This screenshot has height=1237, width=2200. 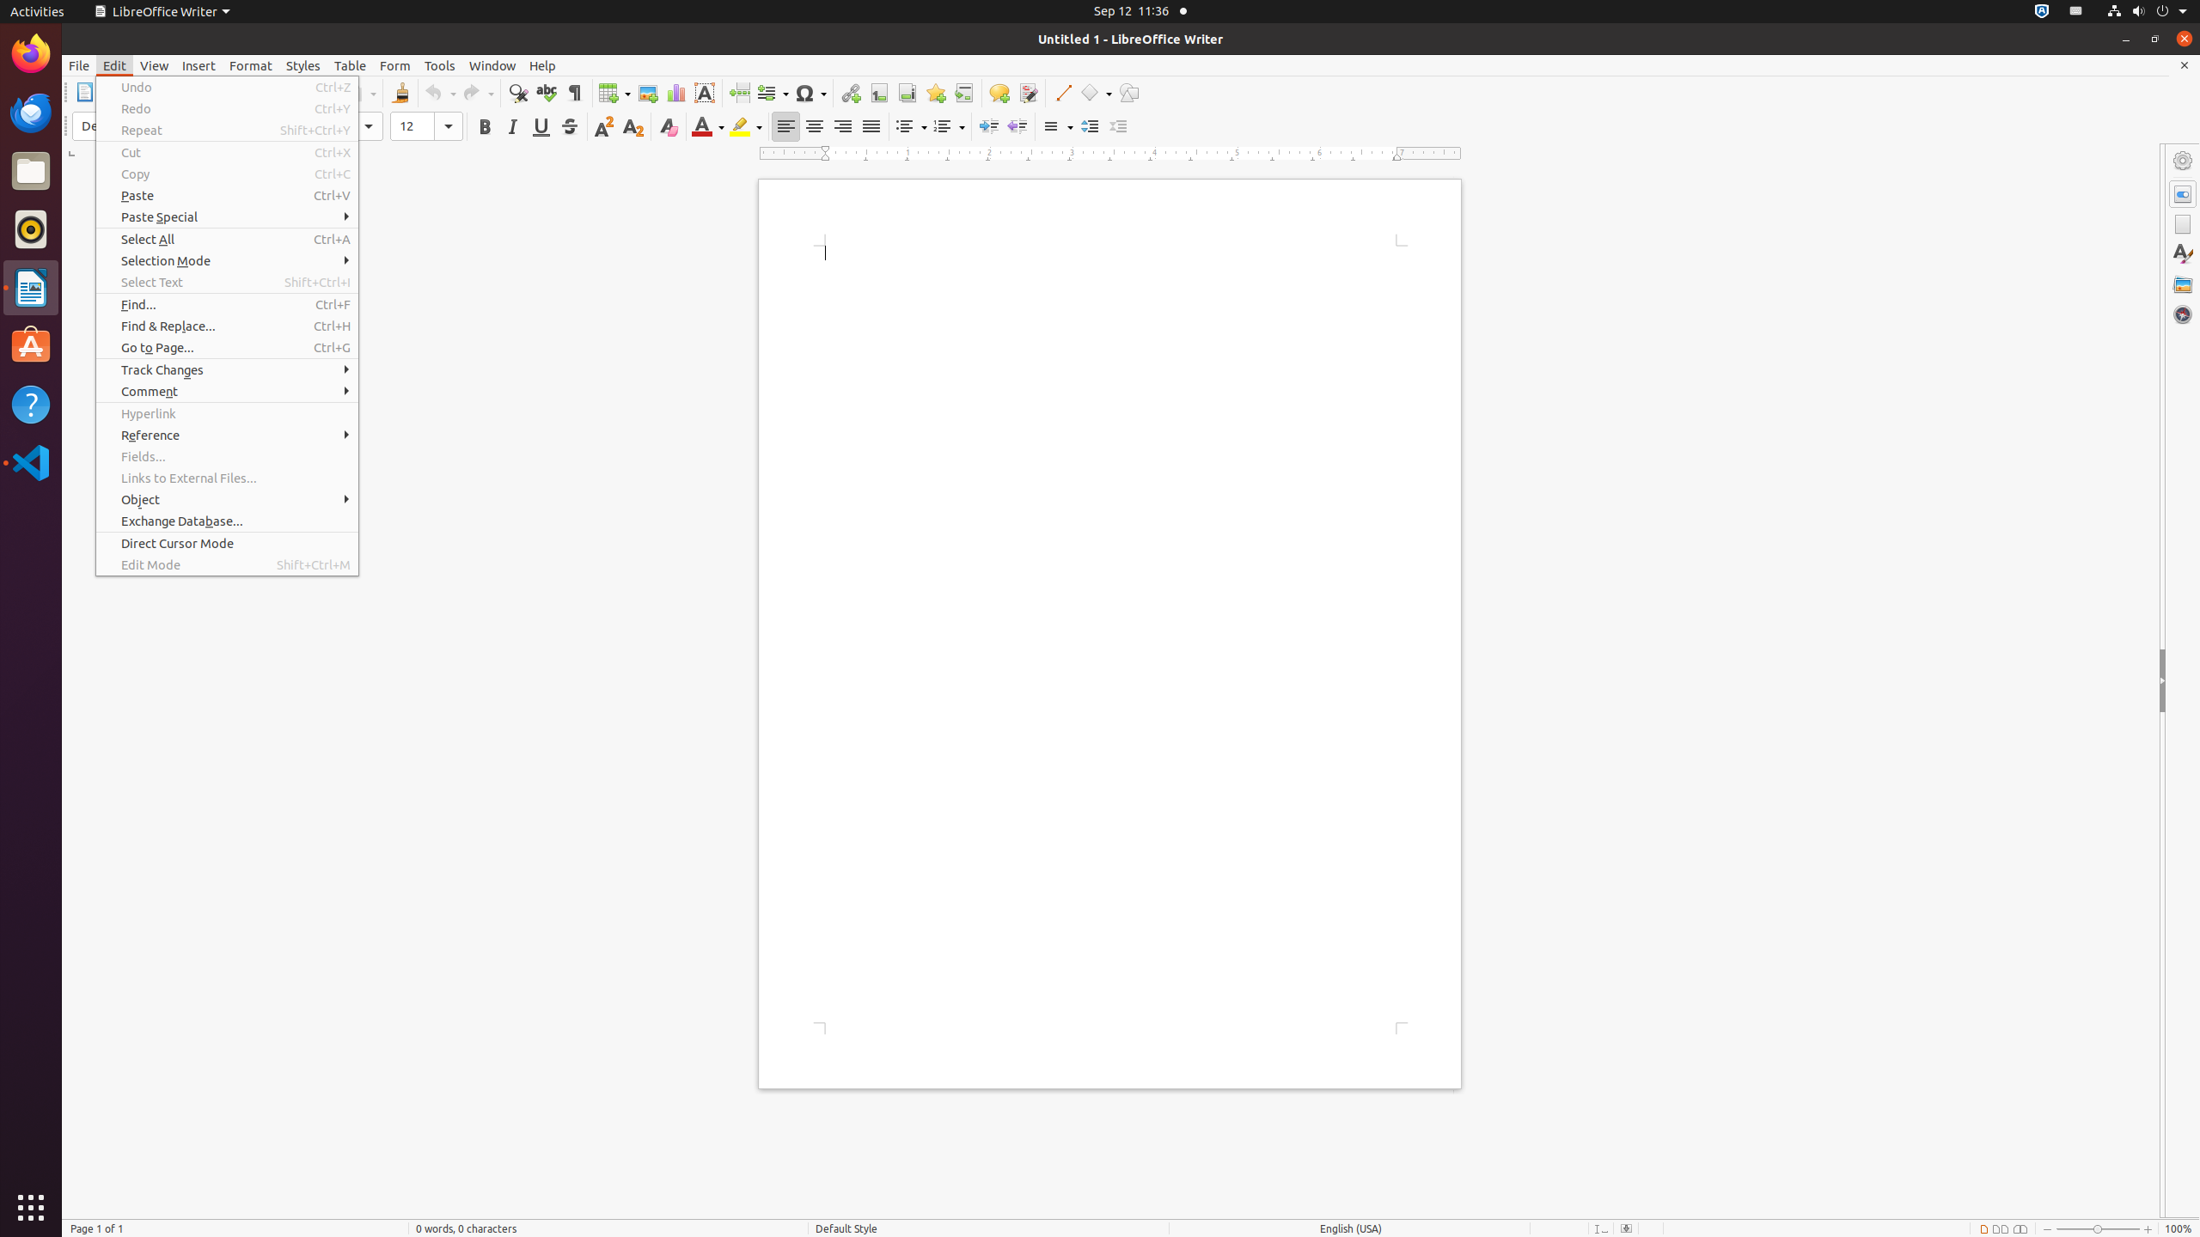 I want to click on 'Bold', so click(x=483, y=125).